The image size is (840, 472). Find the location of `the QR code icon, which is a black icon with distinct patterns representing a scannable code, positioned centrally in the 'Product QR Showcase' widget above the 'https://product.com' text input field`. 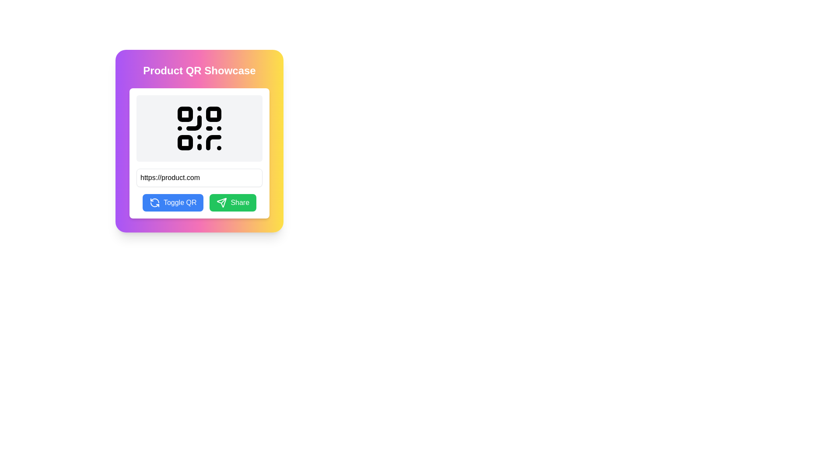

the QR code icon, which is a black icon with distinct patterns representing a scannable code, positioned centrally in the 'Product QR Showcase' widget above the 'https://product.com' text input field is located at coordinates (199, 128).